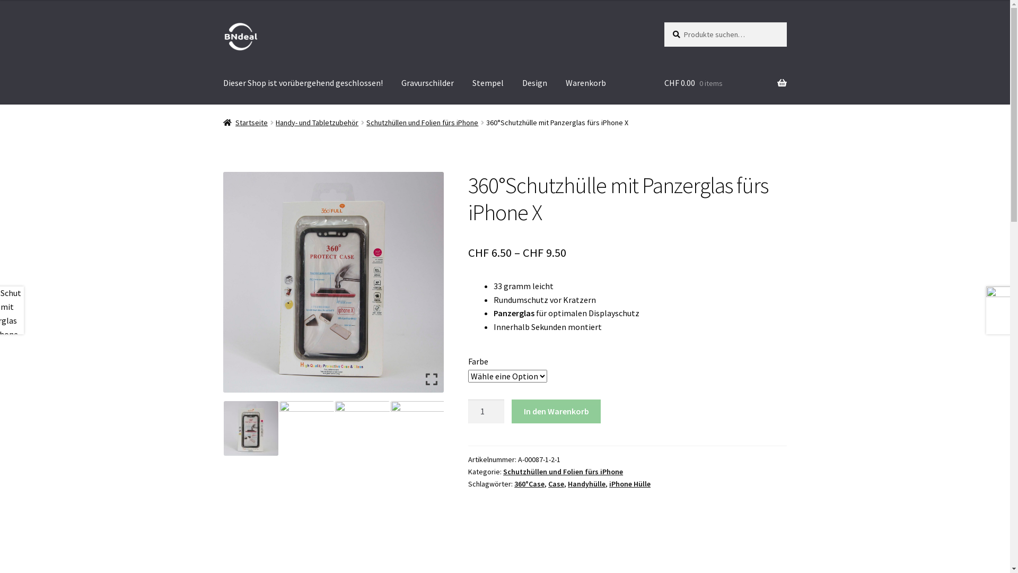 The image size is (1018, 573). I want to click on 'In den Warenkorb', so click(556, 411).